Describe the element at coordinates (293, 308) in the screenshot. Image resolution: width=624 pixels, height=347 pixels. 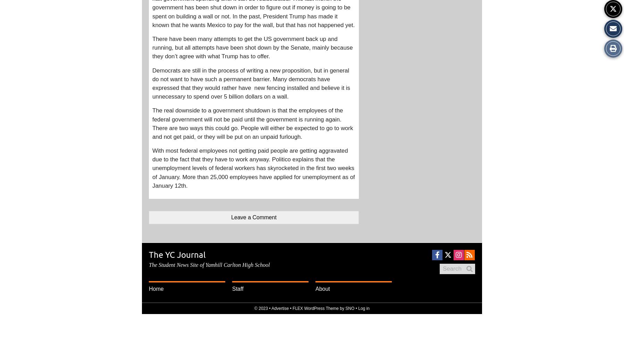
I see `'FLEX WordPress Theme'` at that location.